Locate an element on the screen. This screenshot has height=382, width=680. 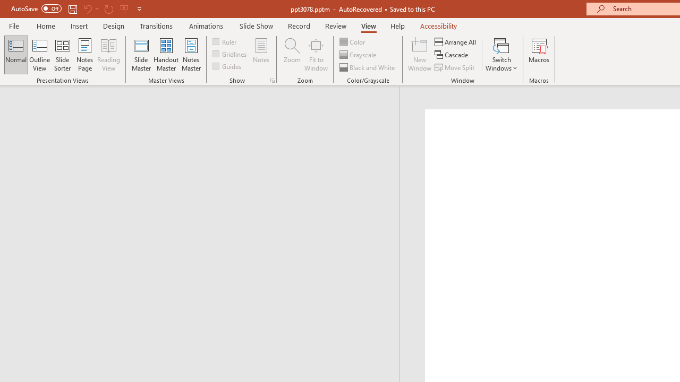
'Notes Page' is located at coordinates (85, 55).